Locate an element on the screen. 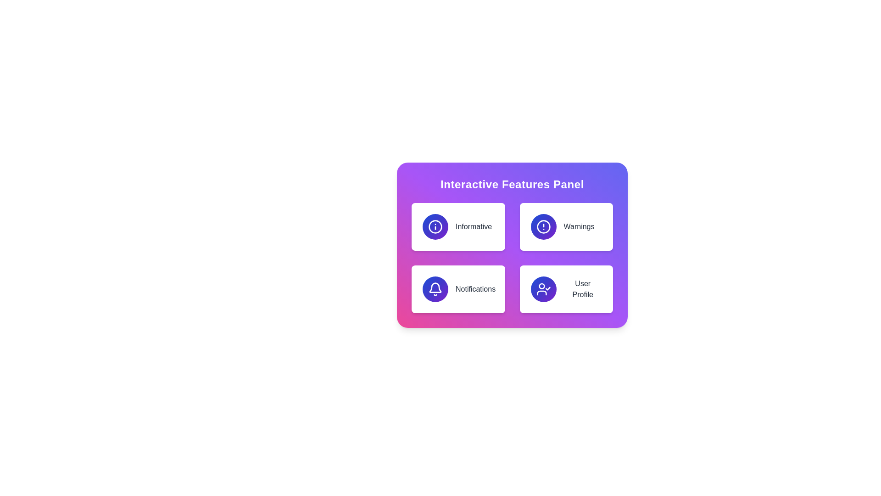 This screenshot has width=881, height=496. the circular button with a gradient background from blue to purple containing a white information icon ('i') is located at coordinates (435, 226).